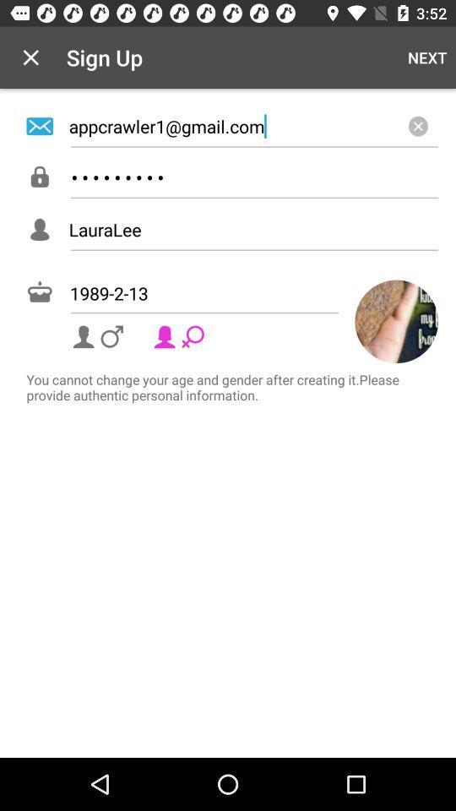 The height and width of the screenshot is (811, 456). I want to click on item below the next icon, so click(417, 125).